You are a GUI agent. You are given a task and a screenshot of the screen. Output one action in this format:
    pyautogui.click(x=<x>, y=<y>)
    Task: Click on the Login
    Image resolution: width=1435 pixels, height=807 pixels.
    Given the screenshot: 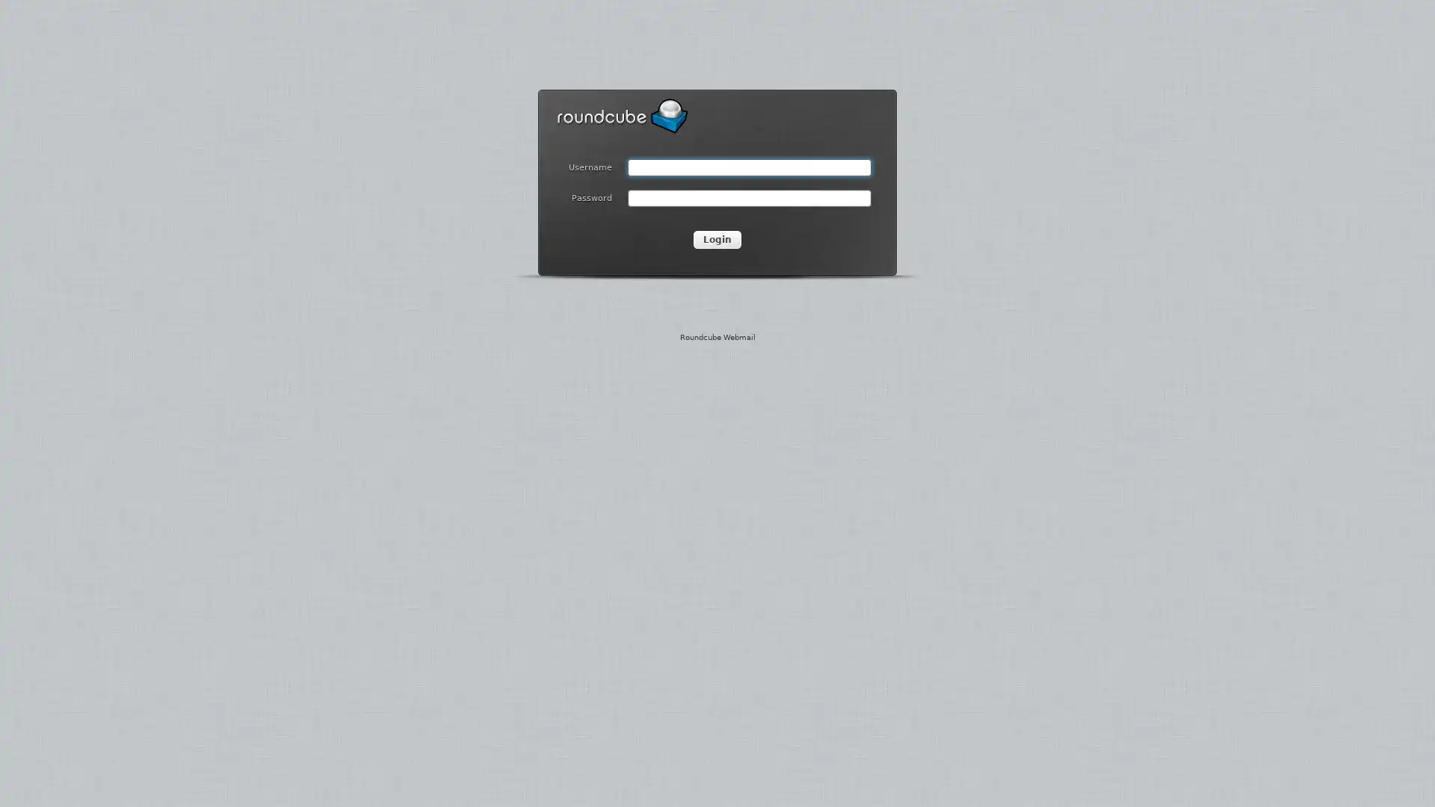 What is the action you would take?
    pyautogui.click(x=717, y=238)
    